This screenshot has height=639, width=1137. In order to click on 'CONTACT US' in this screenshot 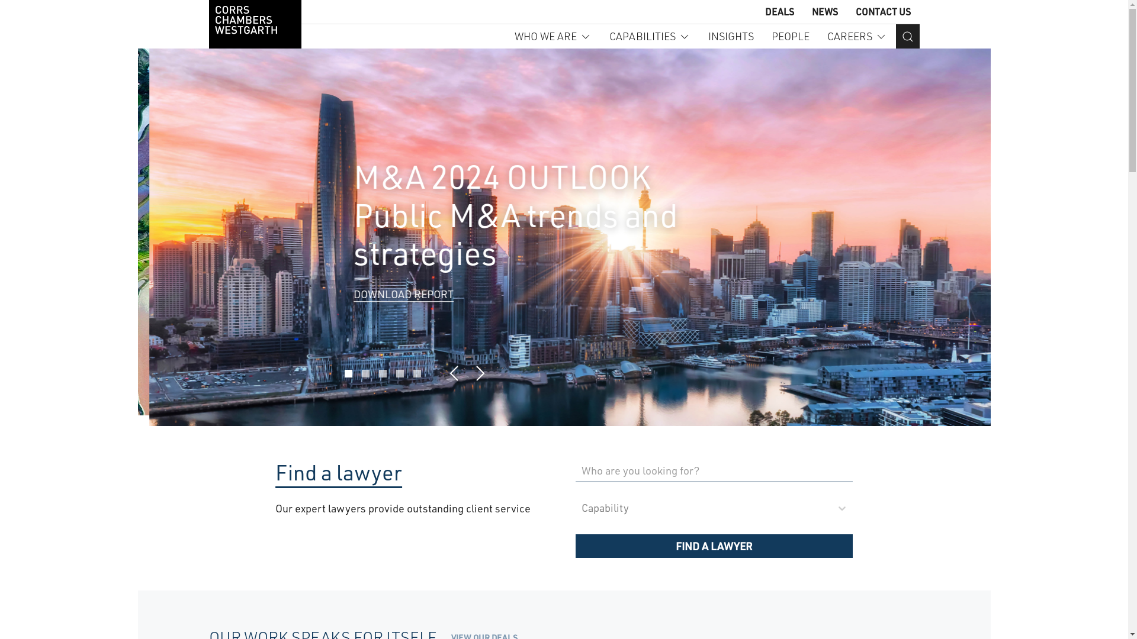, I will do `click(855, 11)`.